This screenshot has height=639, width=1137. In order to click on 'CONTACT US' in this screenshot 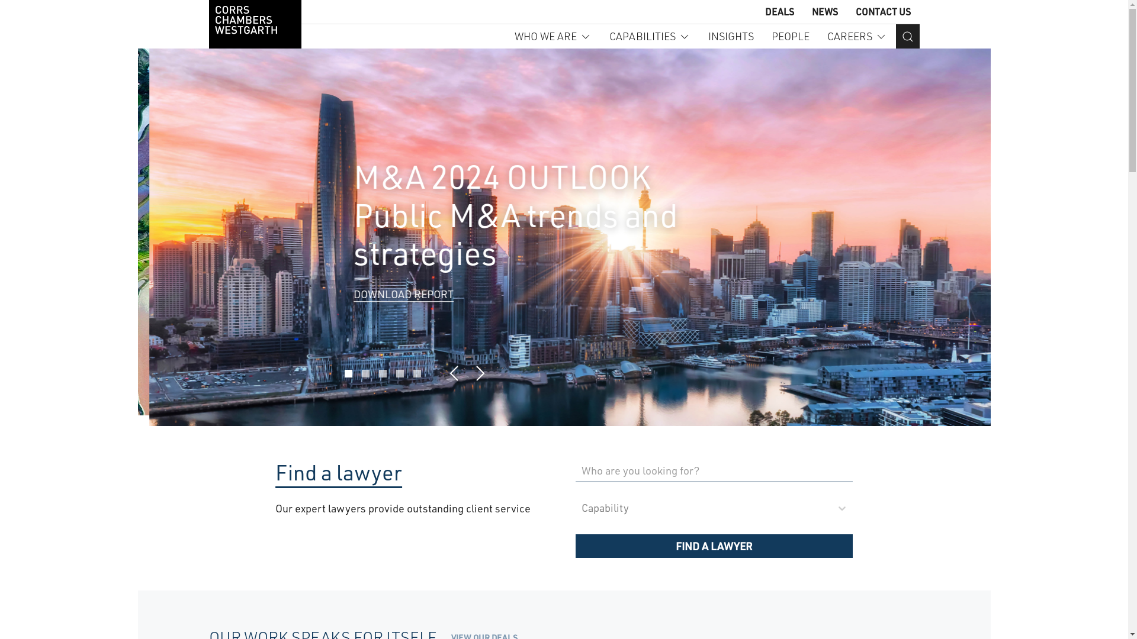, I will do `click(855, 11)`.